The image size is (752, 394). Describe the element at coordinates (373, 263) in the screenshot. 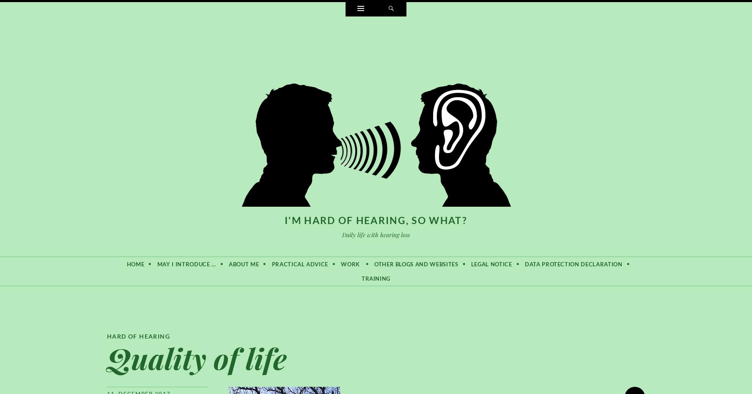

I see `'Other Blogs and websites'` at that location.